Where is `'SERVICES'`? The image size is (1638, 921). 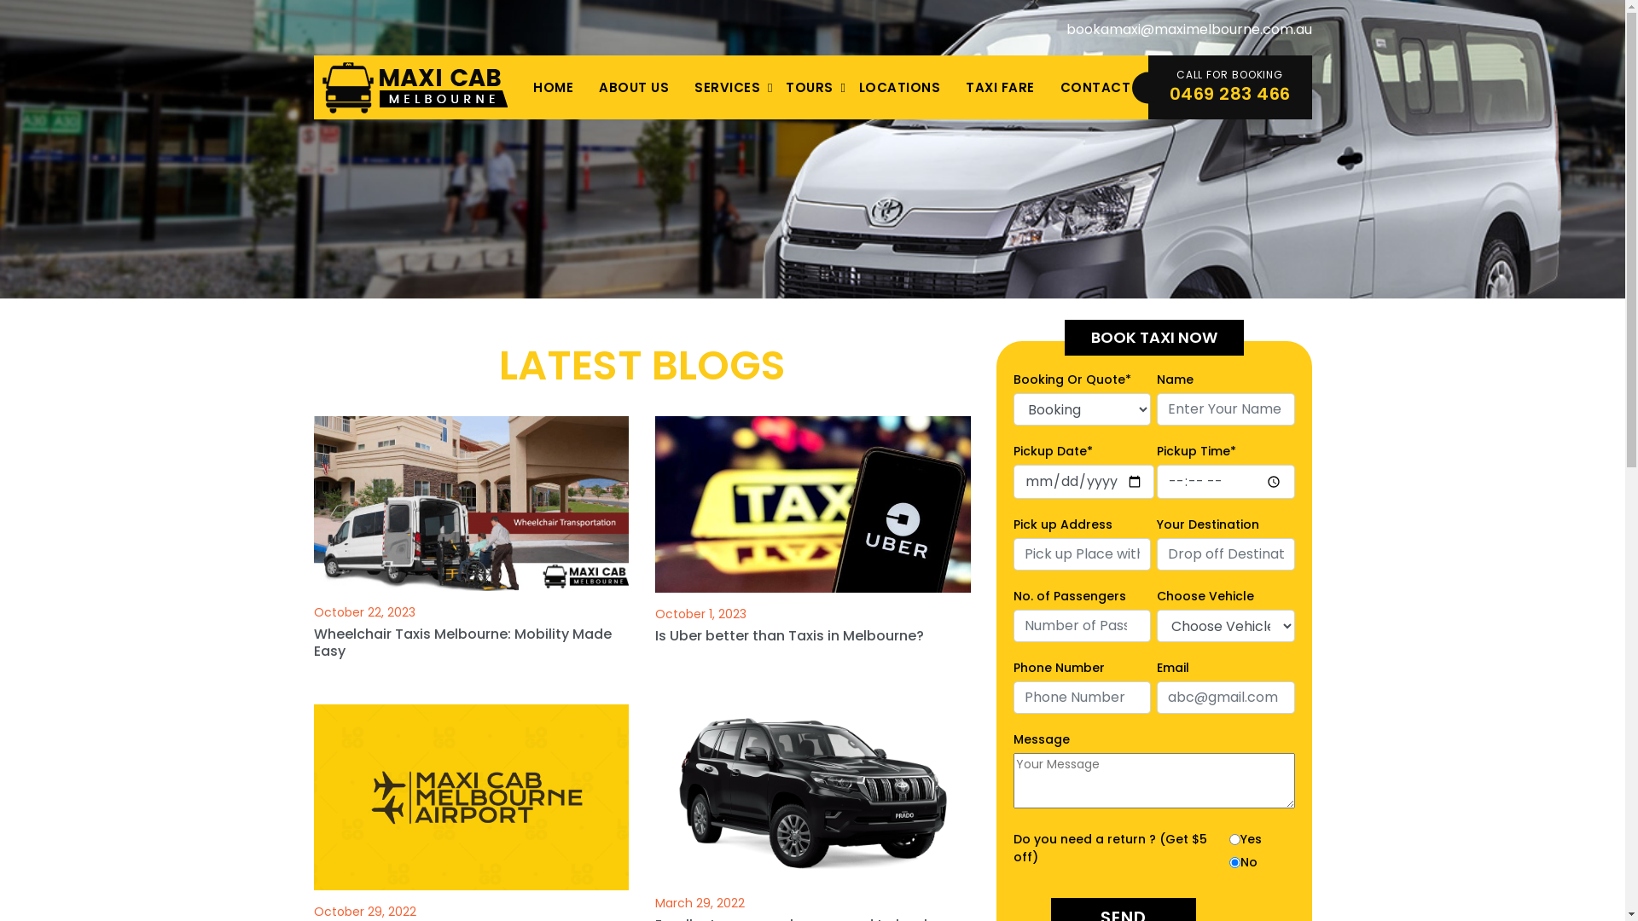
'SERVICES' is located at coordinates (727, 87).